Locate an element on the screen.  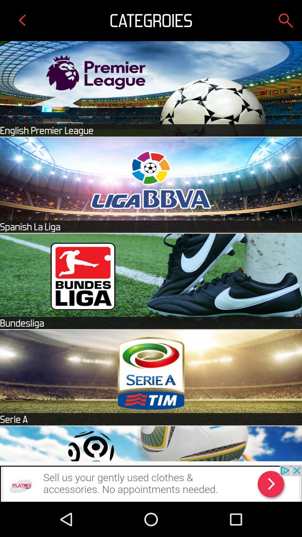
search is located at coordinates (286, 20).